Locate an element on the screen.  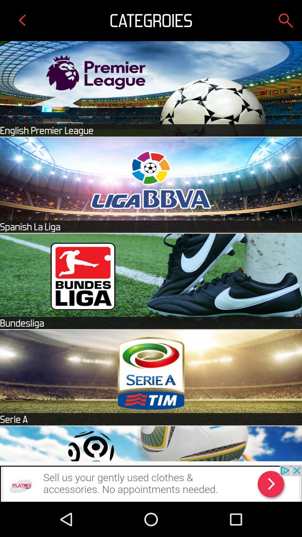
search is located at coordinates (286, 20).